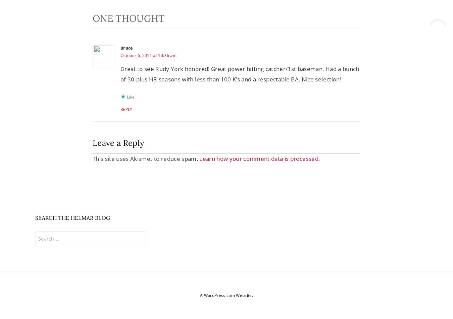 Image resolution: width=453 pixels, height=319 pixels. Describe the element at coordinates (131, 97) in the screenshot. I see `'Like'` at that location.